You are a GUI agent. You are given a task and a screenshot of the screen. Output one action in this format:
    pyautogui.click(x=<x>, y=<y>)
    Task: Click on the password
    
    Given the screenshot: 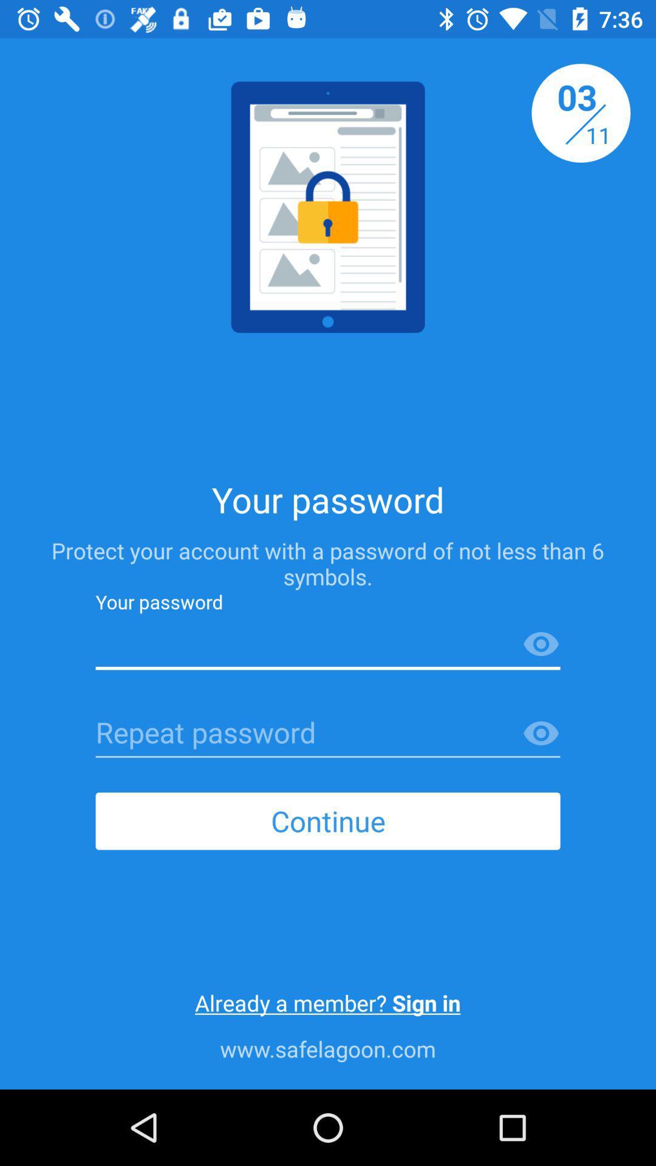 What is the action you would take?
    pyautogui.click(x=328, y=734)
    